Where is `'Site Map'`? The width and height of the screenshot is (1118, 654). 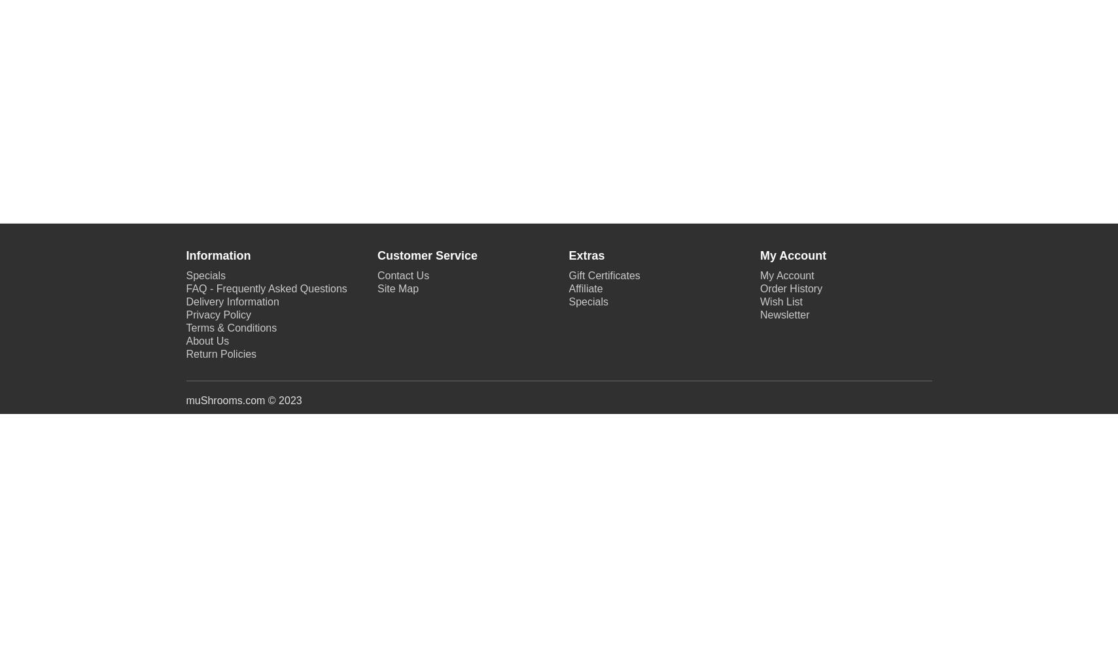
'Site Map' is located at coordinates (397, 288).